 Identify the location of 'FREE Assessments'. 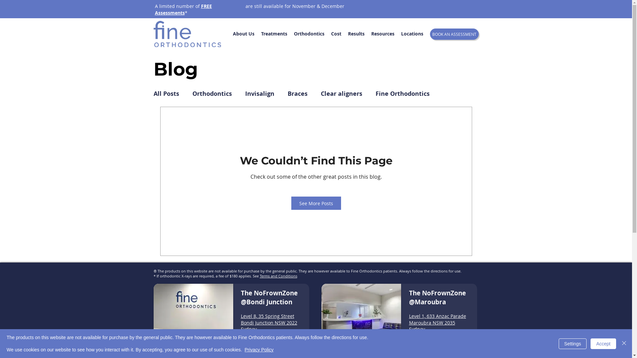
(183, 9).